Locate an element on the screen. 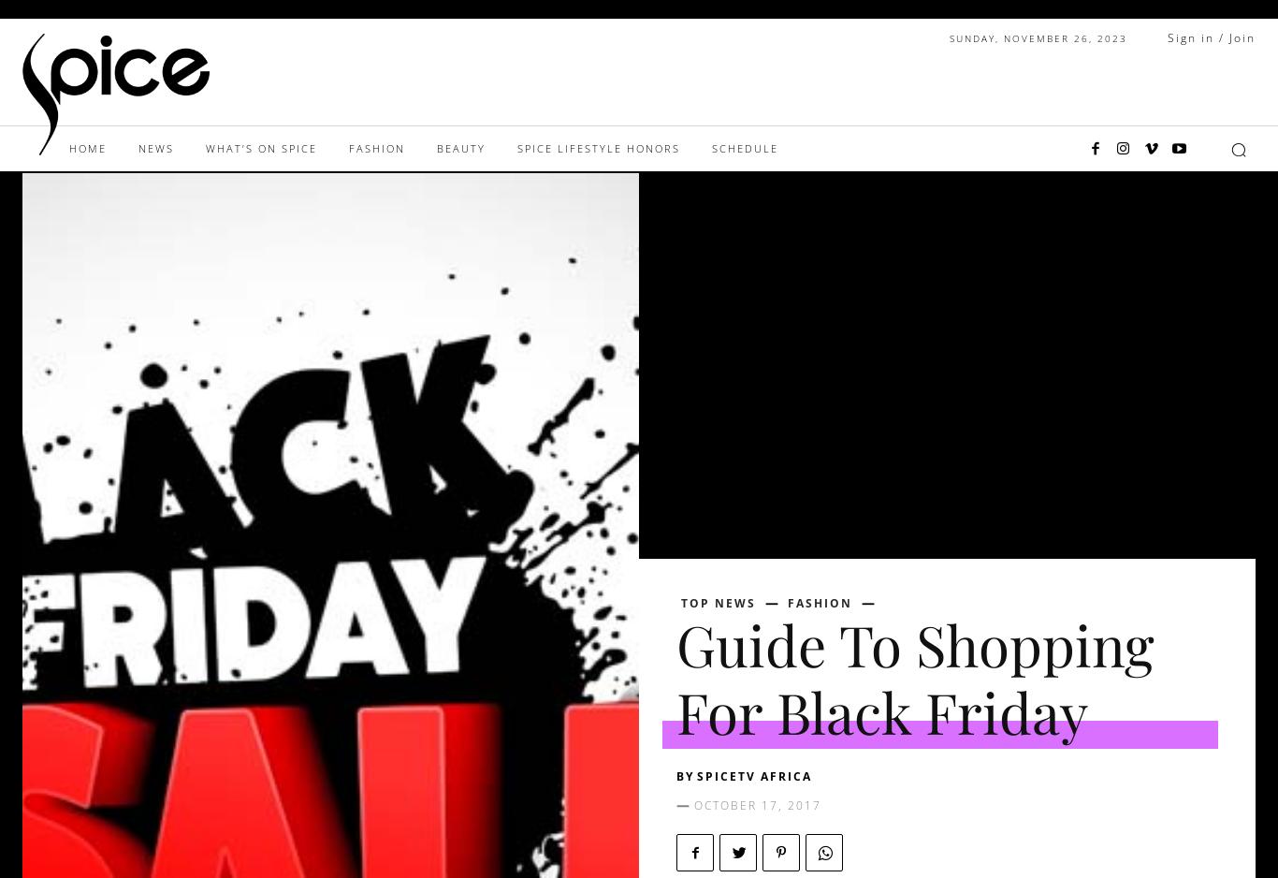  'Top News' is located at coordinates (680, 602).